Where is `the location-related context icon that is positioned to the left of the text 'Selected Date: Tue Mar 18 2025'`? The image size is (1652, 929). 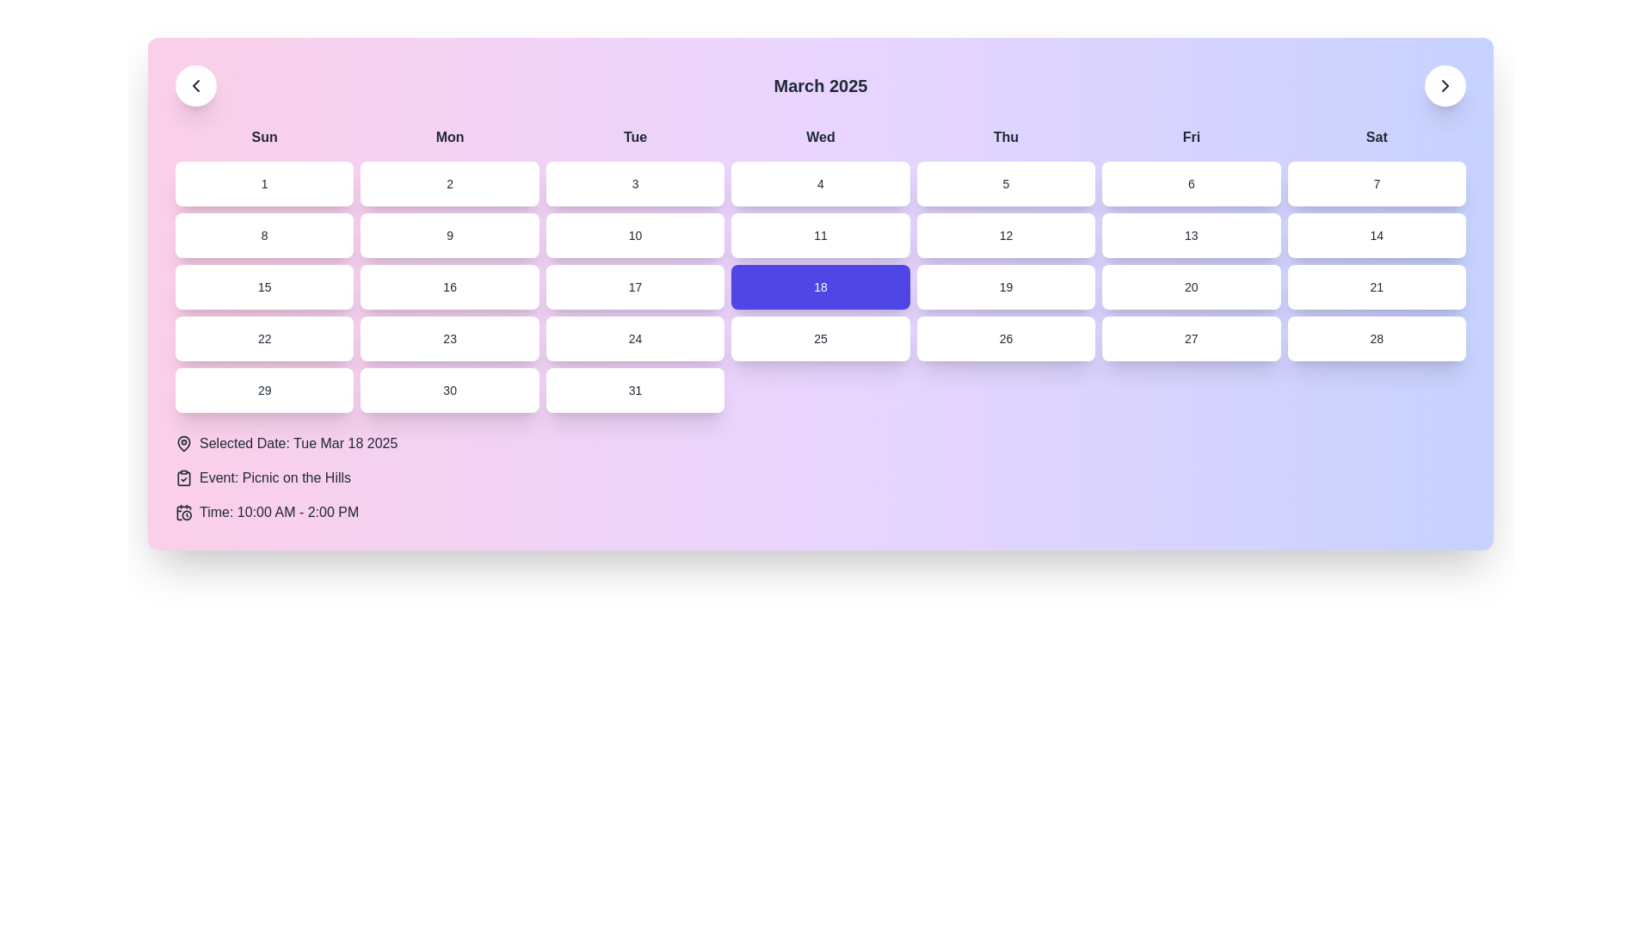 the location-related context icon that is positioned to the left of the text 'Selected Date: Tue Mar 18 2025' is located at coordinates (184, 443).